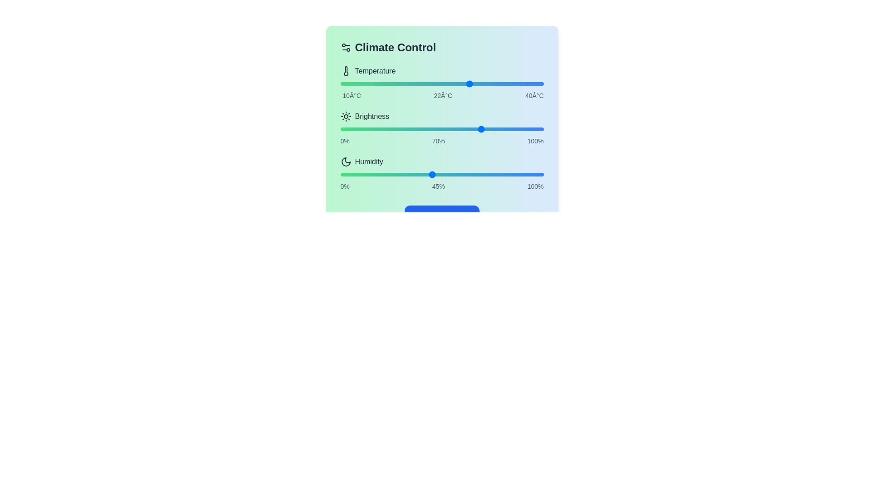 The width and height of the screenshot is (871, 490). What do you see at coordinates (345, 162) in the screenshot?
I see `the moon icon located in the 'Climate Control' section under the 'Humidity' label, which is the first graphical element to the left of the 'Humidity' text` at bounding box center [345, 162].